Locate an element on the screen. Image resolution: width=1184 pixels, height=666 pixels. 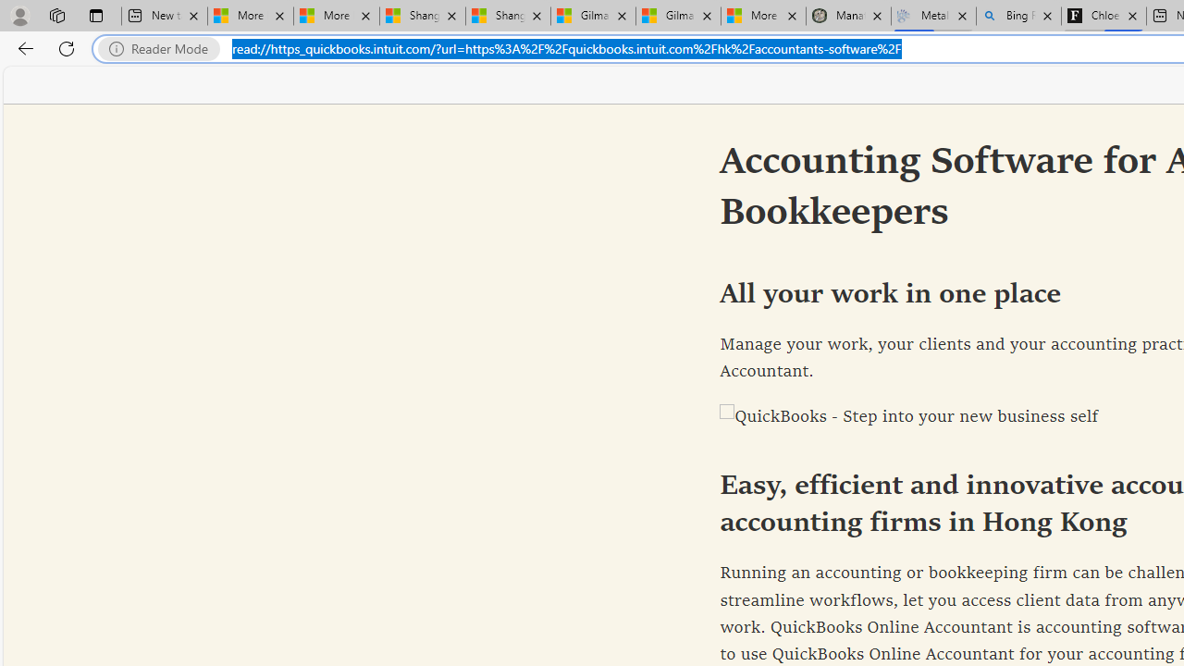
'Reader Mode' is located at coordinates (164, 48).